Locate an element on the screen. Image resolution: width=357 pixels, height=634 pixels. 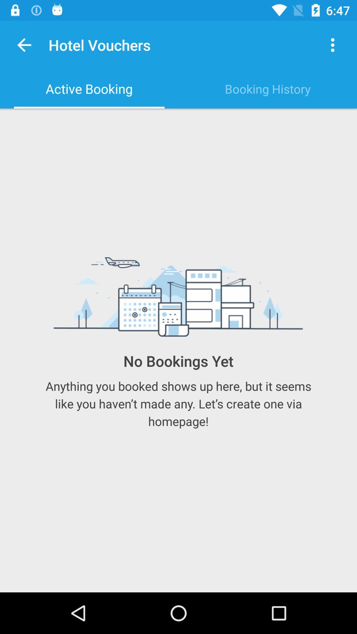
active booking item is located at coordinates (89, 88).